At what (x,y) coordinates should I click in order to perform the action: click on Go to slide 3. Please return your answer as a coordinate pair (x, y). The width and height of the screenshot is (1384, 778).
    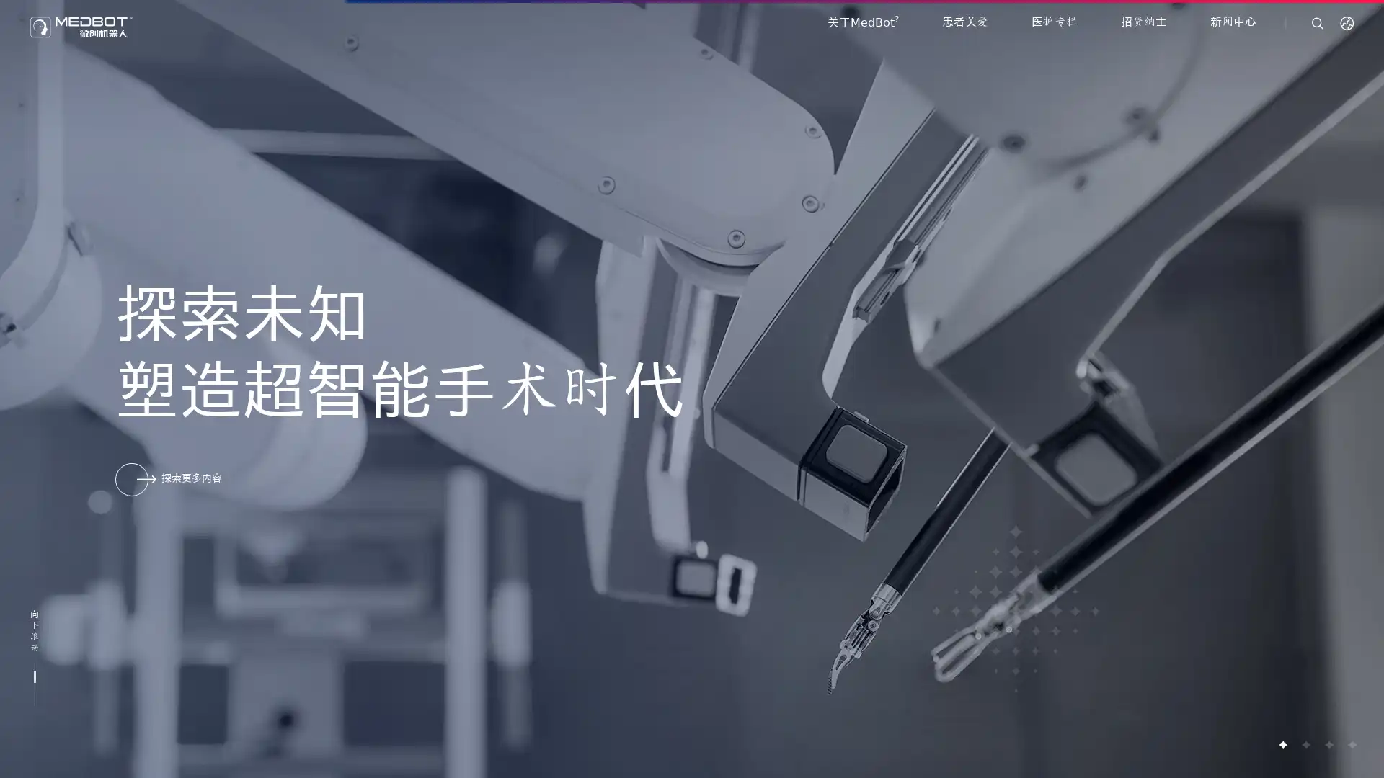
    Looking at the image, I should click on (1328, 744).